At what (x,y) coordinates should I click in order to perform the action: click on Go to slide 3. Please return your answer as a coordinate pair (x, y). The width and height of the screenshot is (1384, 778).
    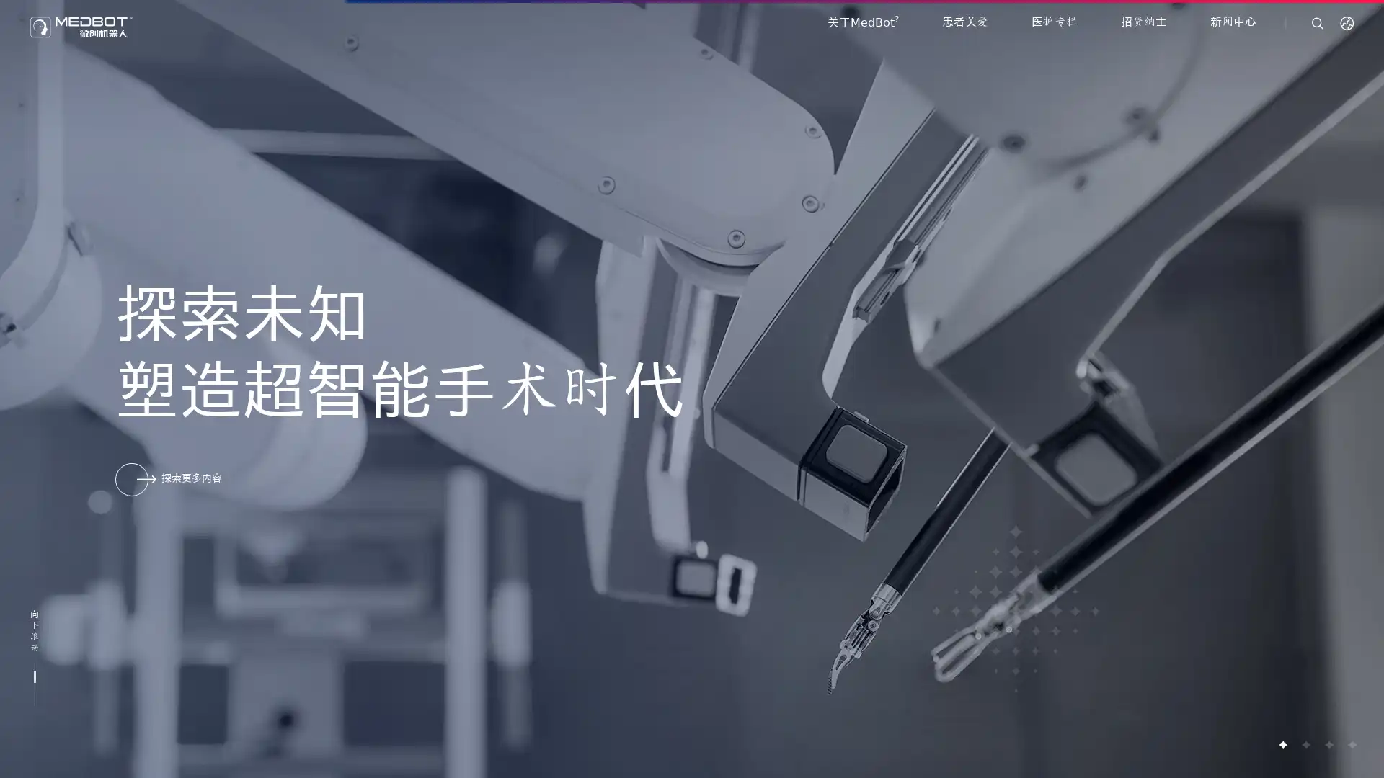
    Looking at the image, I should click on (1328, 744).